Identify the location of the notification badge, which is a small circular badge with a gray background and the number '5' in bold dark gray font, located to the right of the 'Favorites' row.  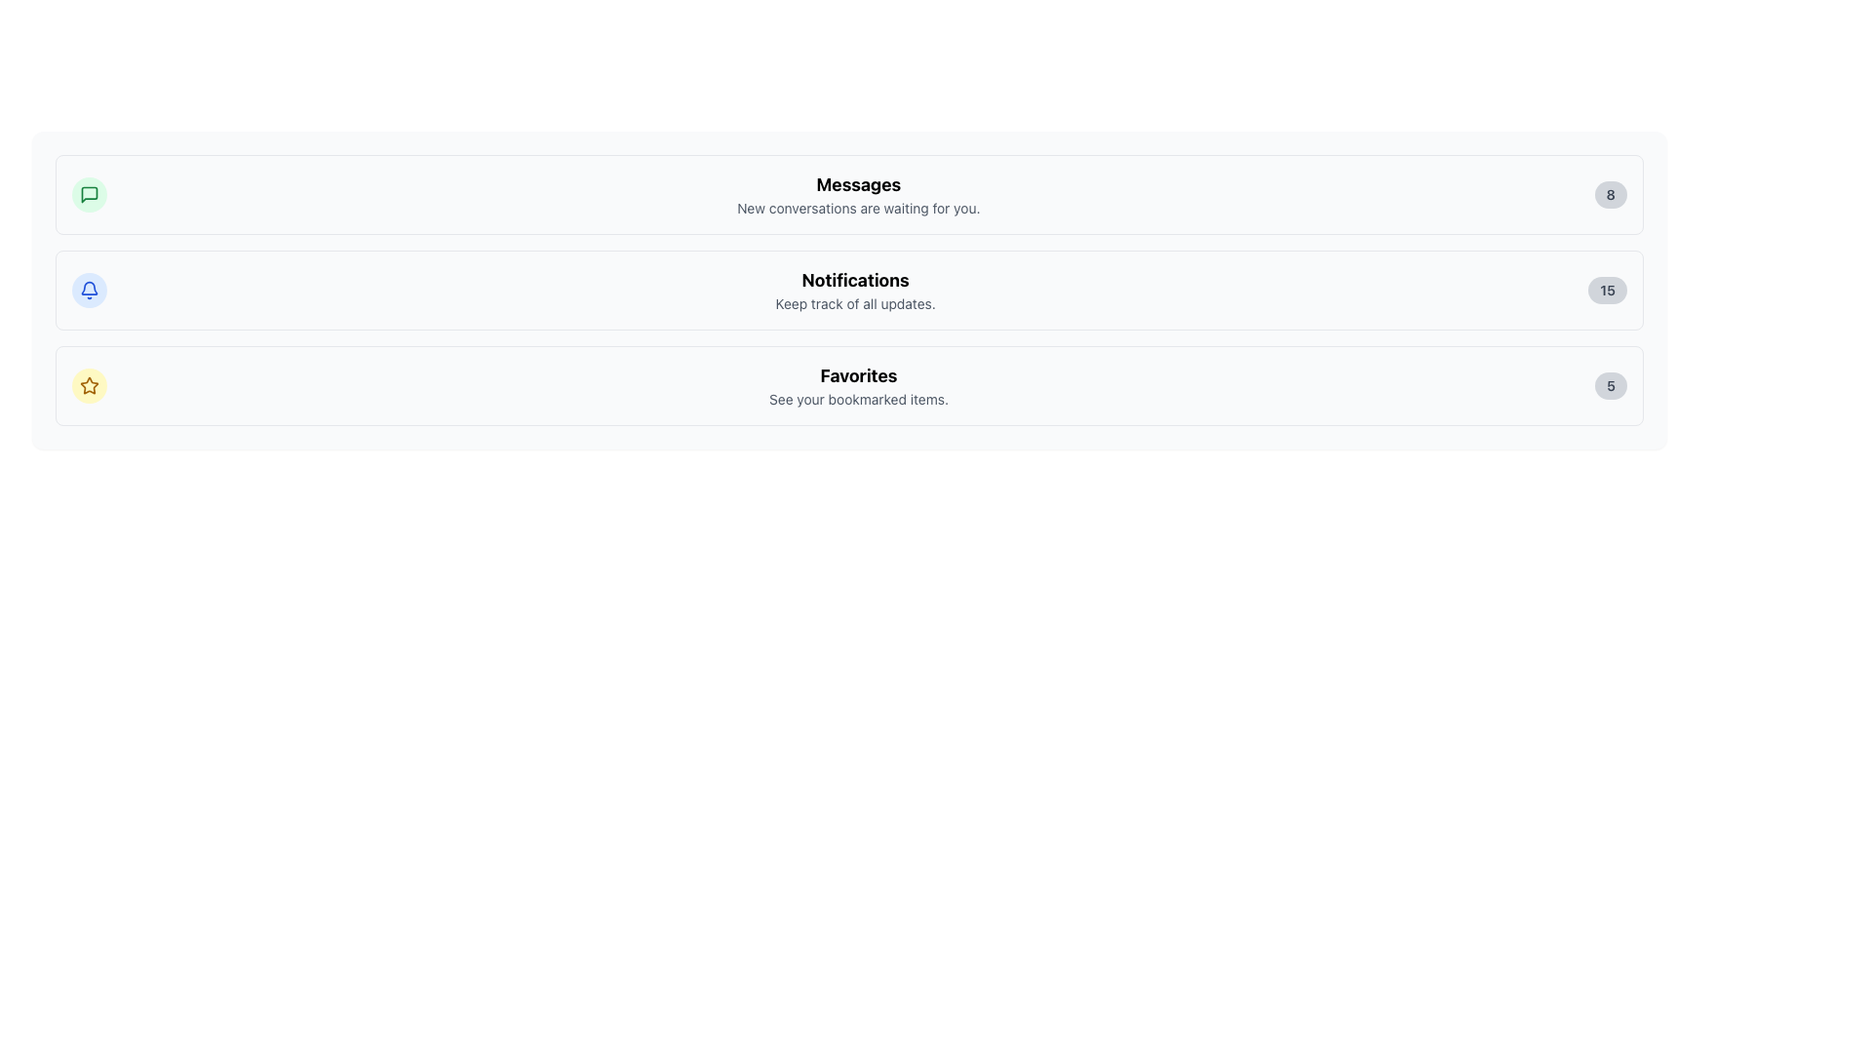
(1611, 386).